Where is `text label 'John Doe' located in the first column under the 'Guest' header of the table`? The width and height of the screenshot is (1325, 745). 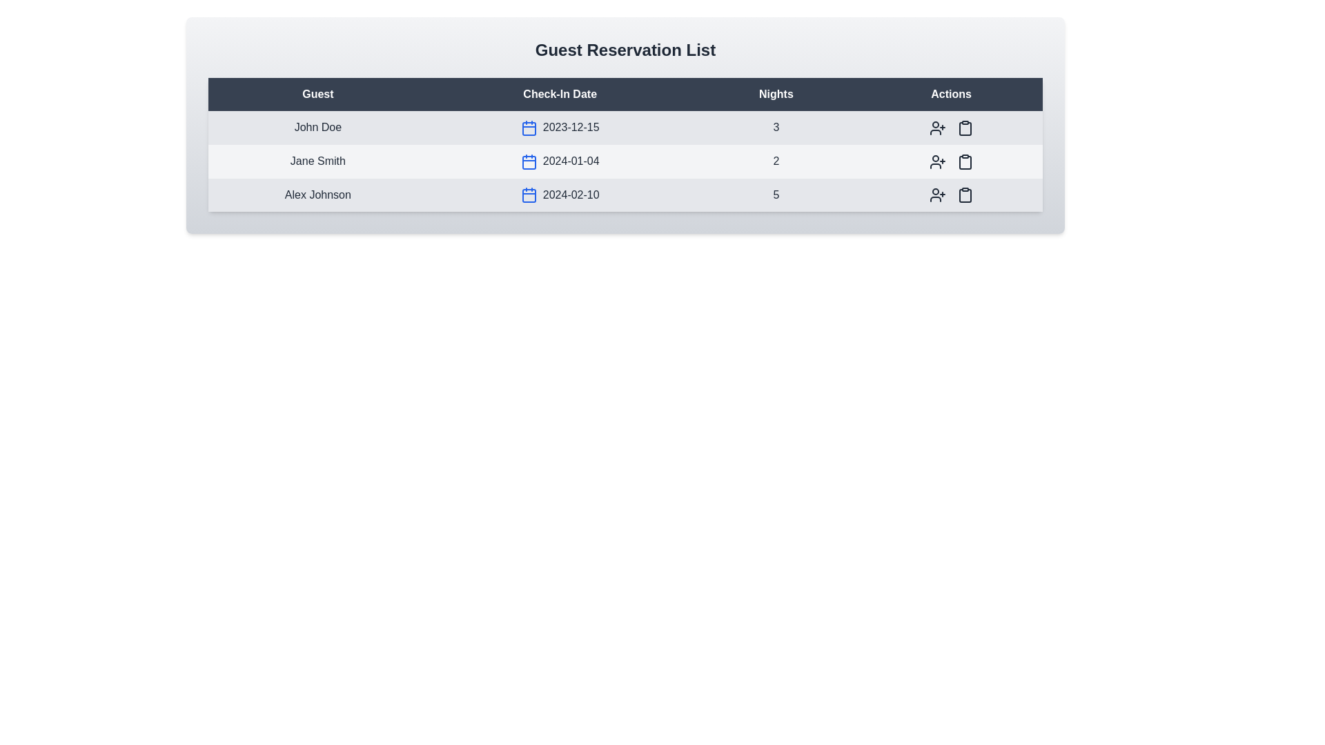 text label 'John Doe' located in the first column under the 'Guest' header of the table is located at coordinates (317, 128).